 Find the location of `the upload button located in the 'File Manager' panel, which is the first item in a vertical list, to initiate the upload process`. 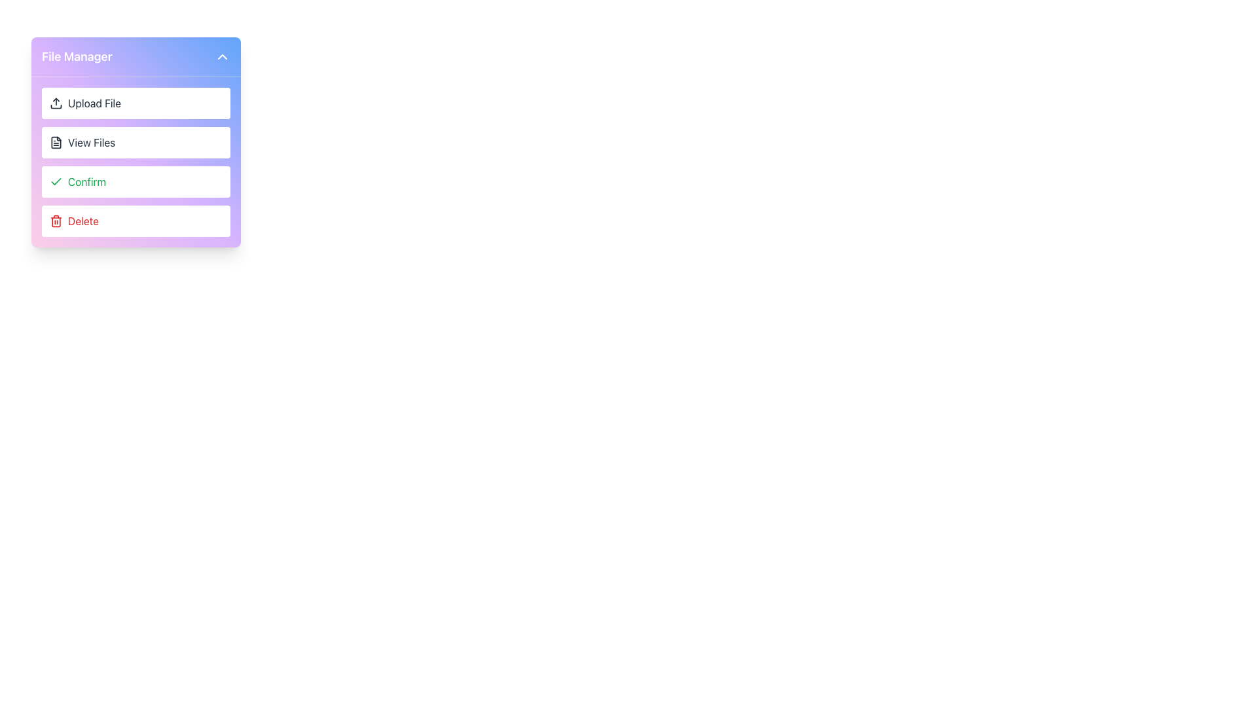

the upload button located in the 'File Manager' panel, which is the first item in a vertical list, to initiate the upload process is located at coordinates (136, 103).